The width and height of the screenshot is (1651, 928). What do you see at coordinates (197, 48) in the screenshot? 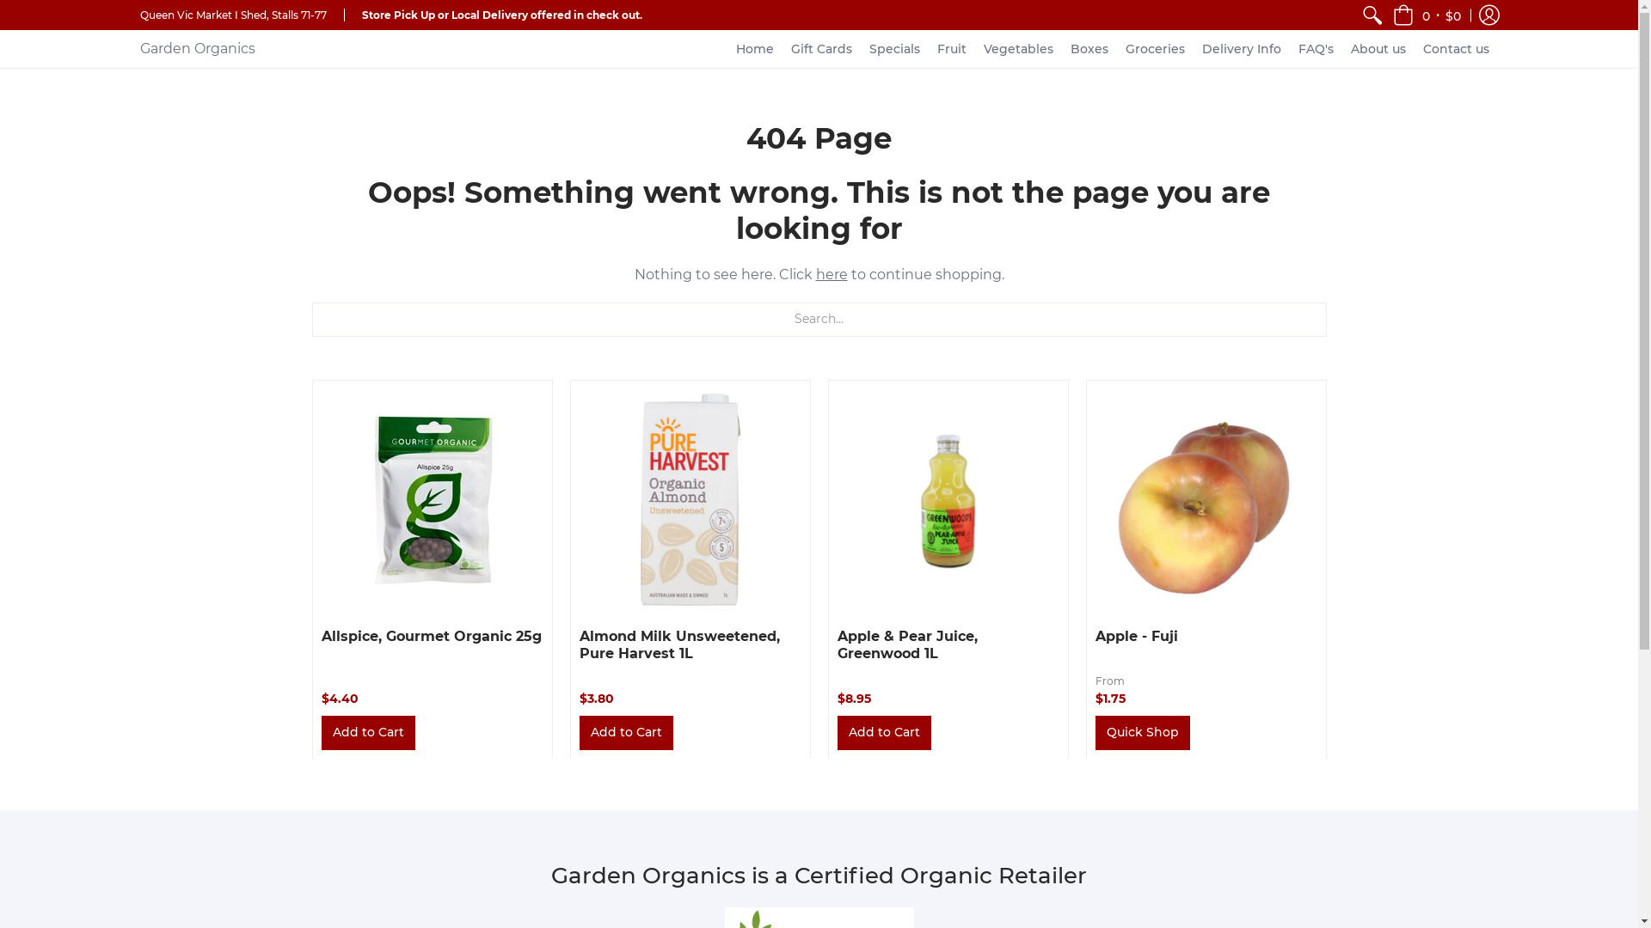
I see `'Garden Organics'` at bounding box center [197, 48].